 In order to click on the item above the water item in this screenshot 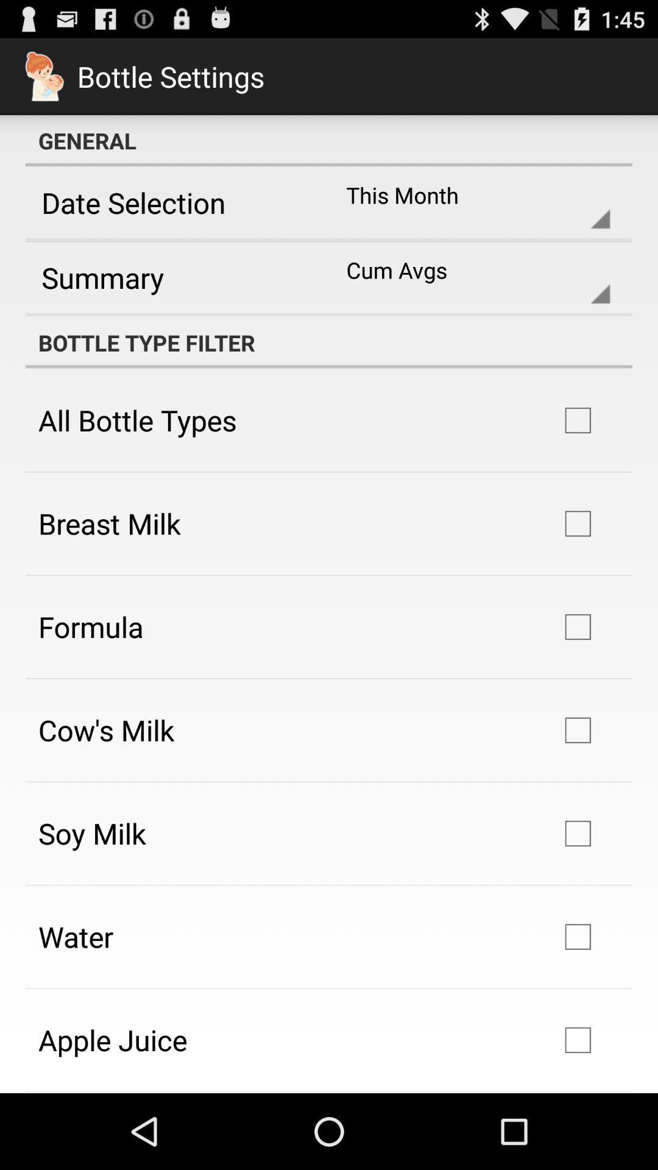, I will do `click(91, 832)`.